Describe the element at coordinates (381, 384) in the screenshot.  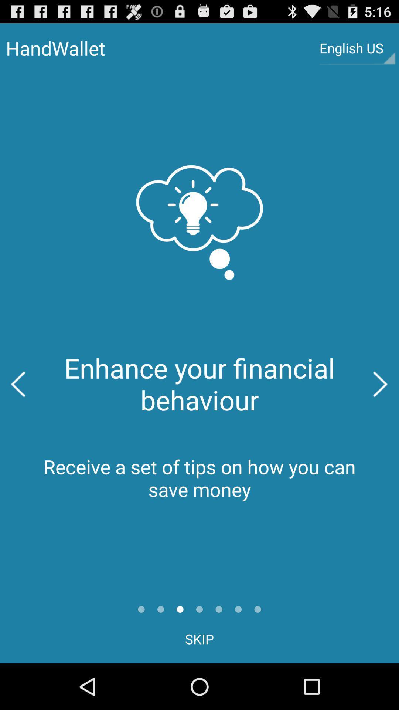
I see `the item above the receive a set item` at that location.